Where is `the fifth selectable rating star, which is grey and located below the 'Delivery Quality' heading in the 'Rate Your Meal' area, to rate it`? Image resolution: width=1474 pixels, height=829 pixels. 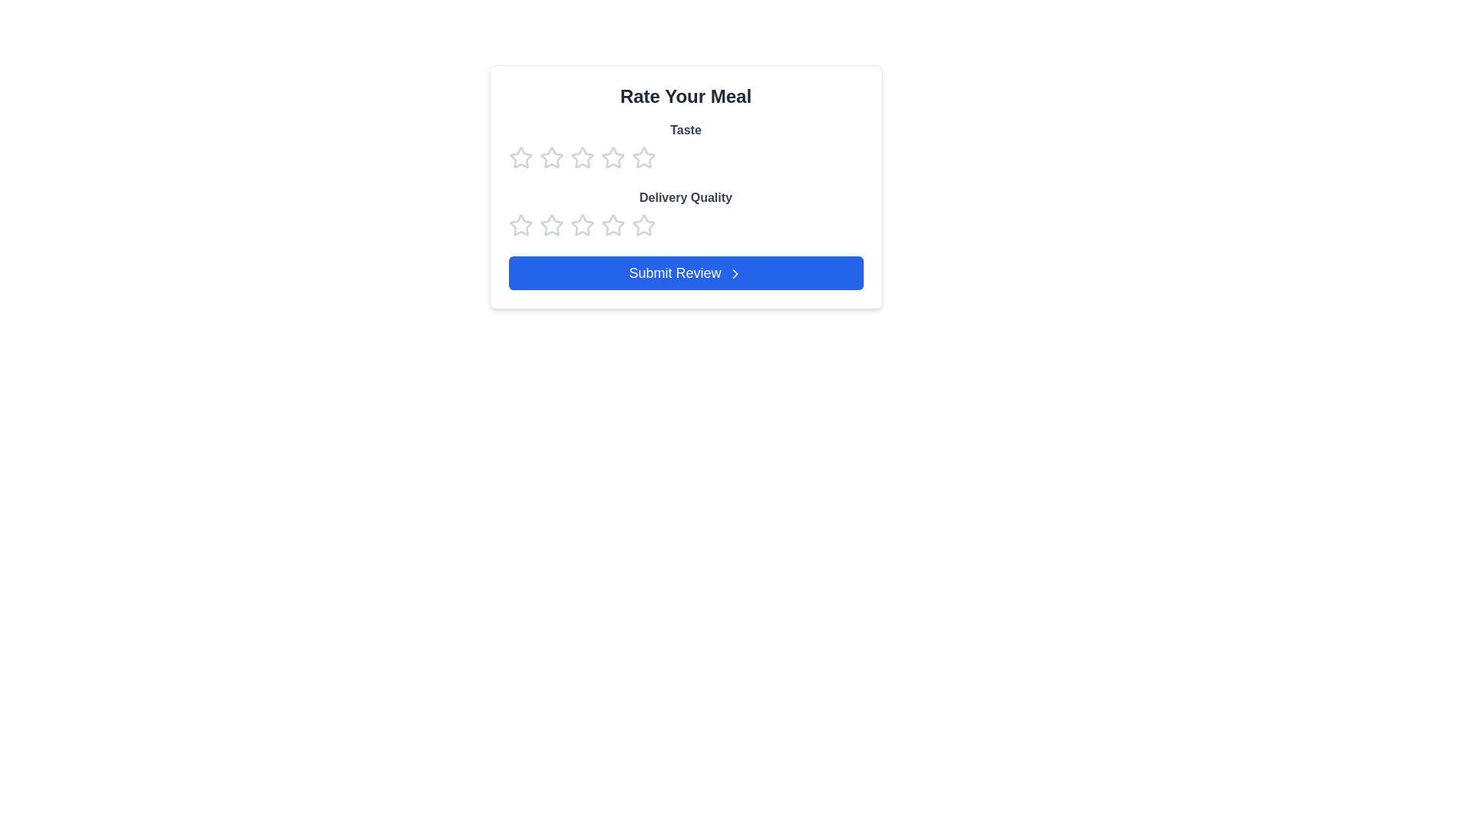
the fifth selectable rating star, which is grey and located below the 'Delivery Quality' heading in the 'Rate Your Meal' area, to rate it is located at coordinates (643, 225).